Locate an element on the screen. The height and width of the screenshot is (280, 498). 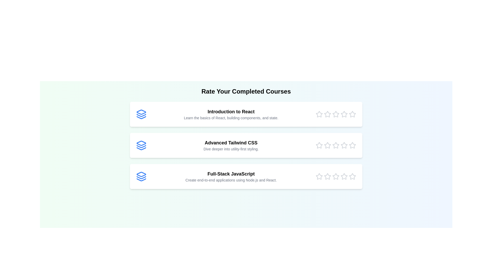
the course title to view its details. The parameter Introduction to React specifies which course to select is located at coordinates (246, 114).